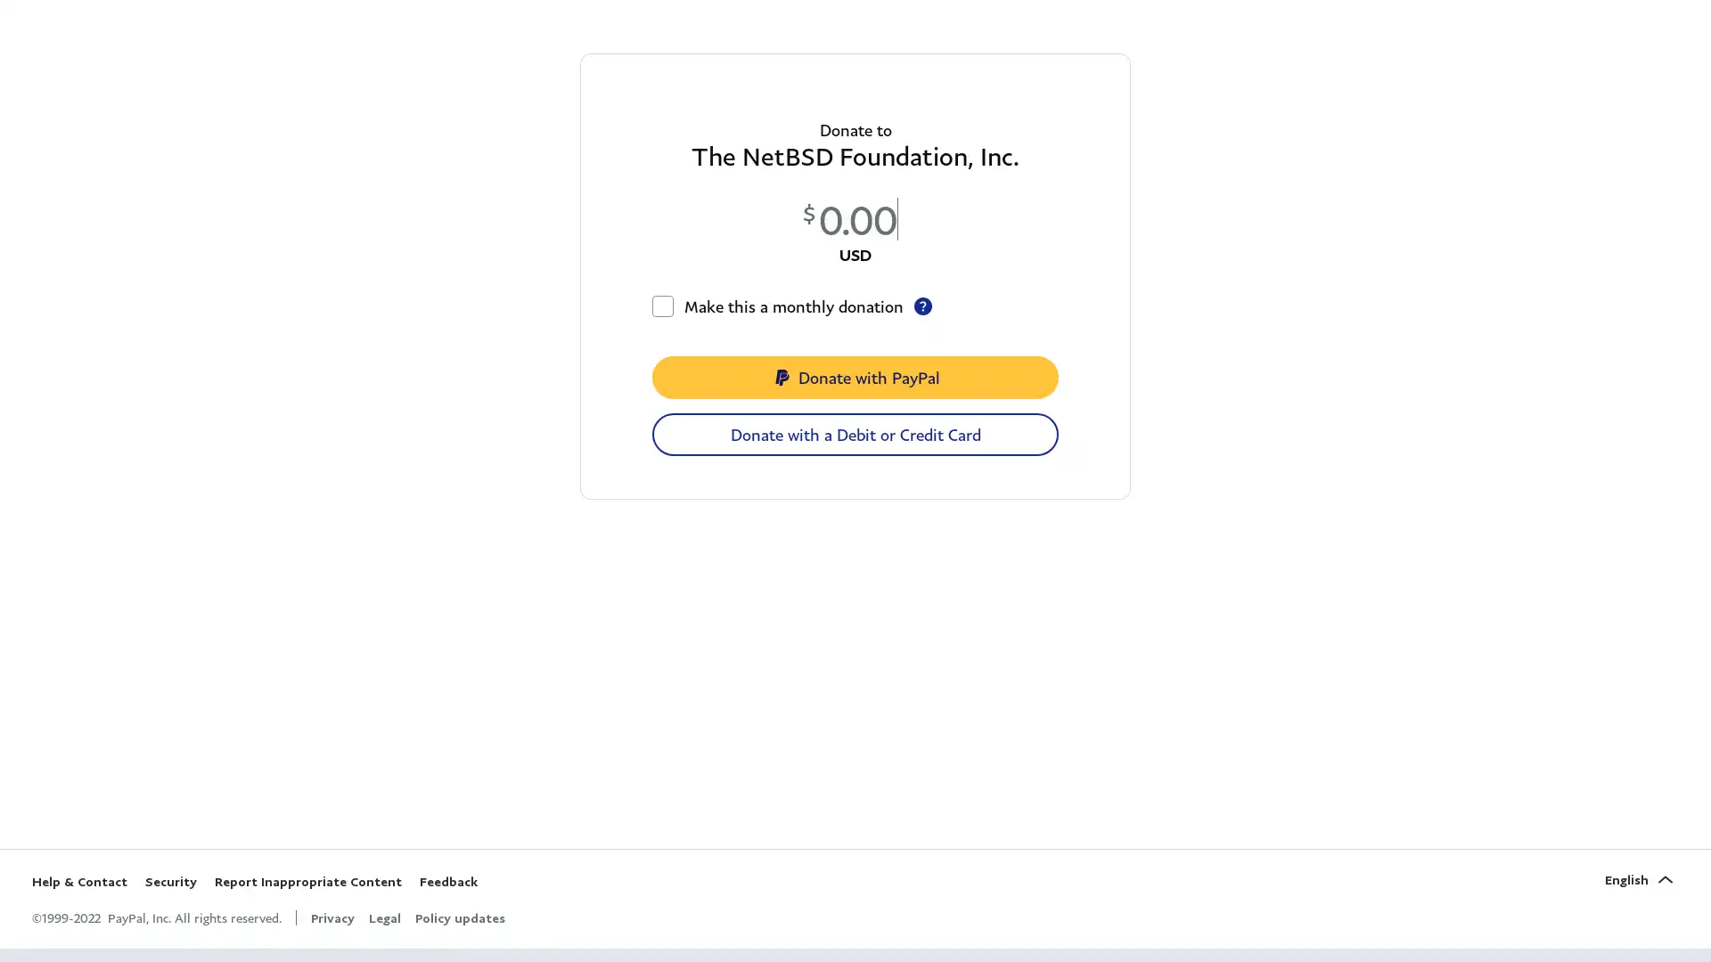 Image resolution: width=1711 pixels, height=962 pixels. I want to click on Donate with PayPal, so click(855, 377).